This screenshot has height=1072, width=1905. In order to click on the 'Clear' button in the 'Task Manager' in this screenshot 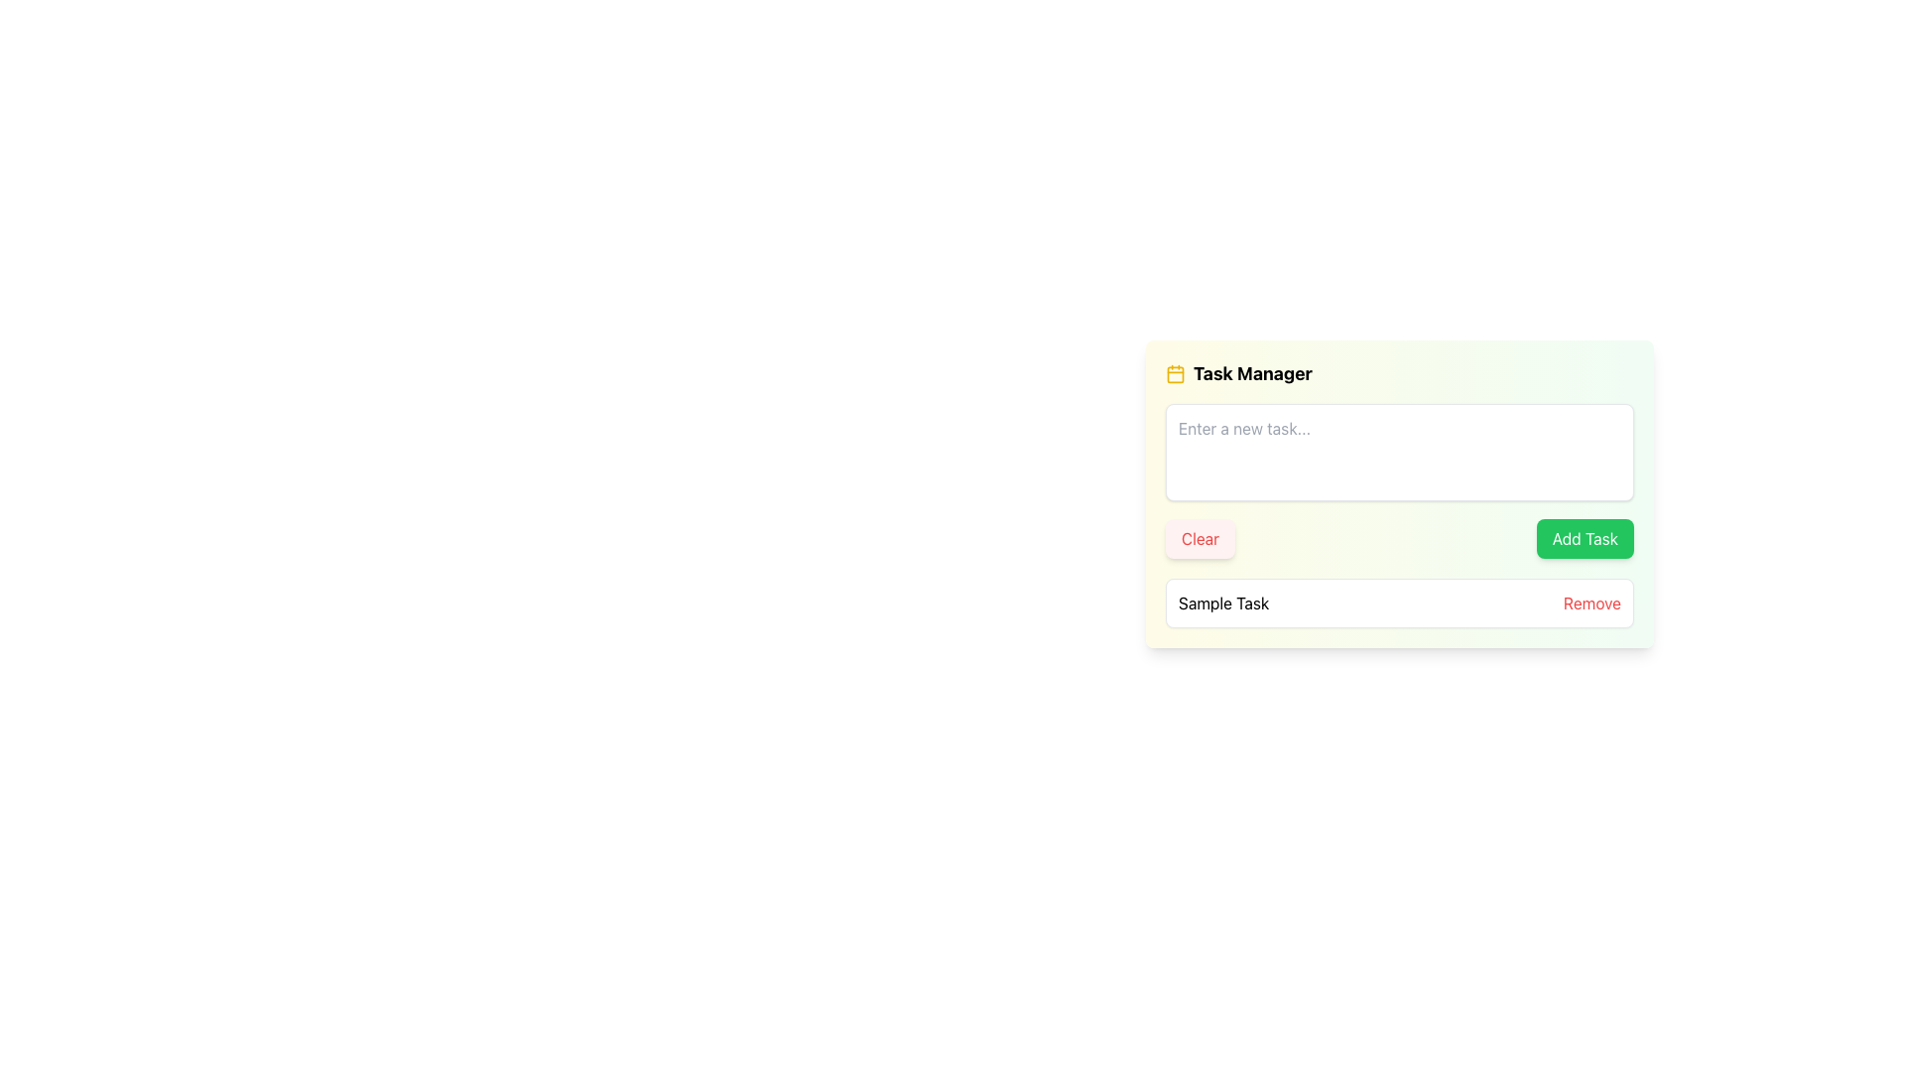, I will do `click(1199, 539)`.